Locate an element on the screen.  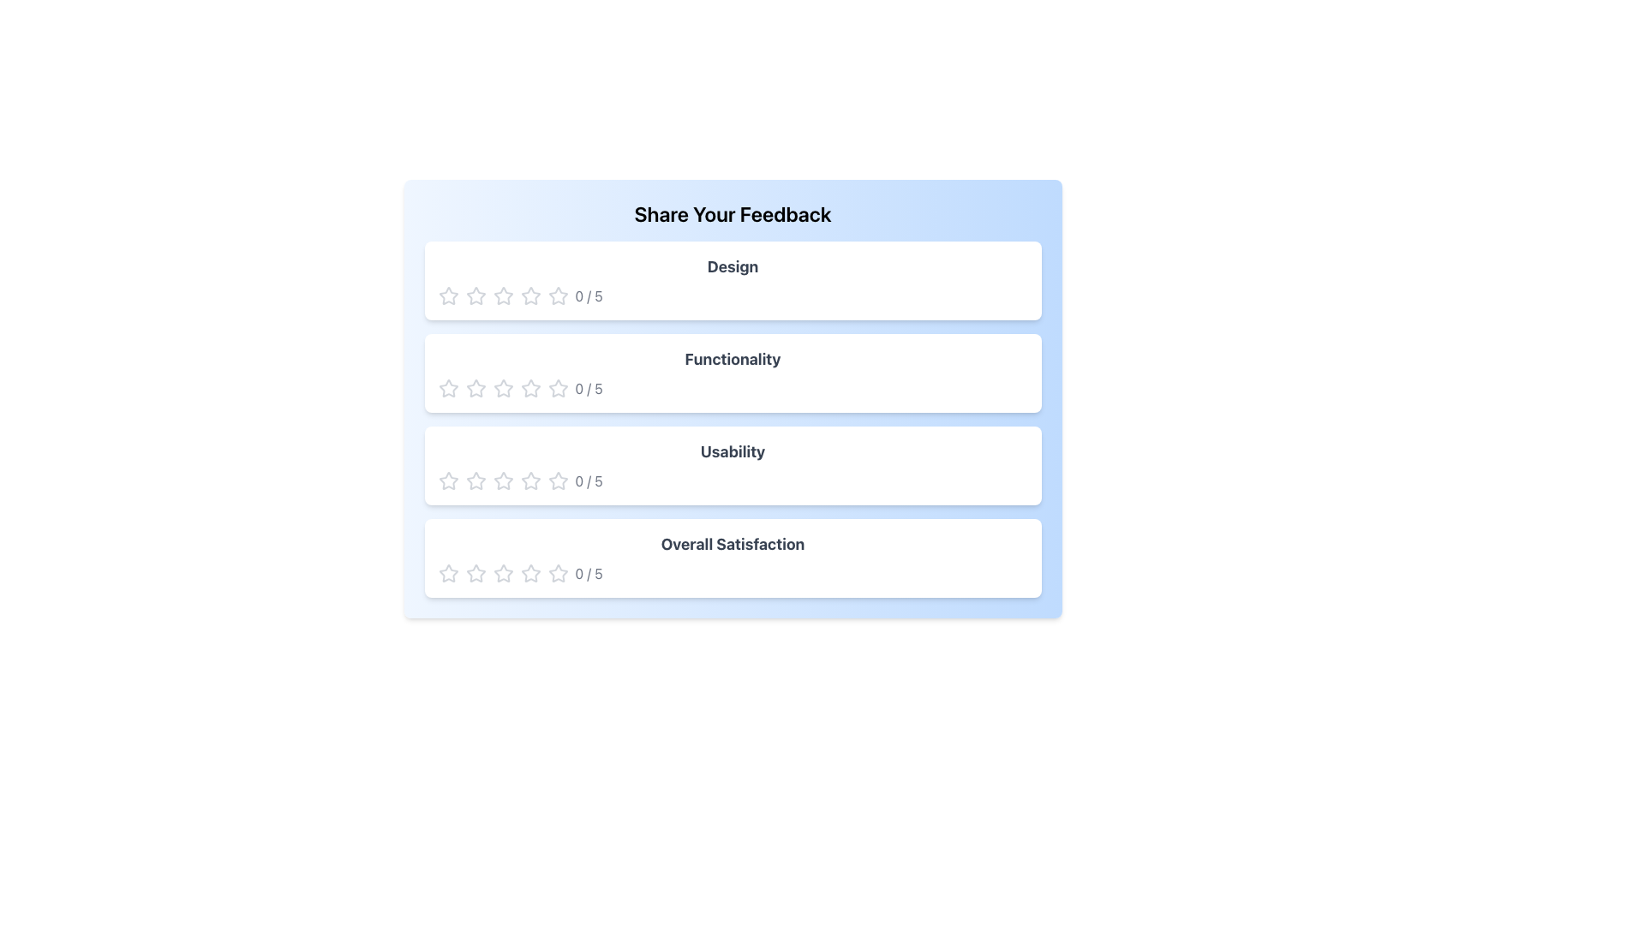
the first rating star in the 'Overall Satisfaction' section is located at coordinates (448, 574).